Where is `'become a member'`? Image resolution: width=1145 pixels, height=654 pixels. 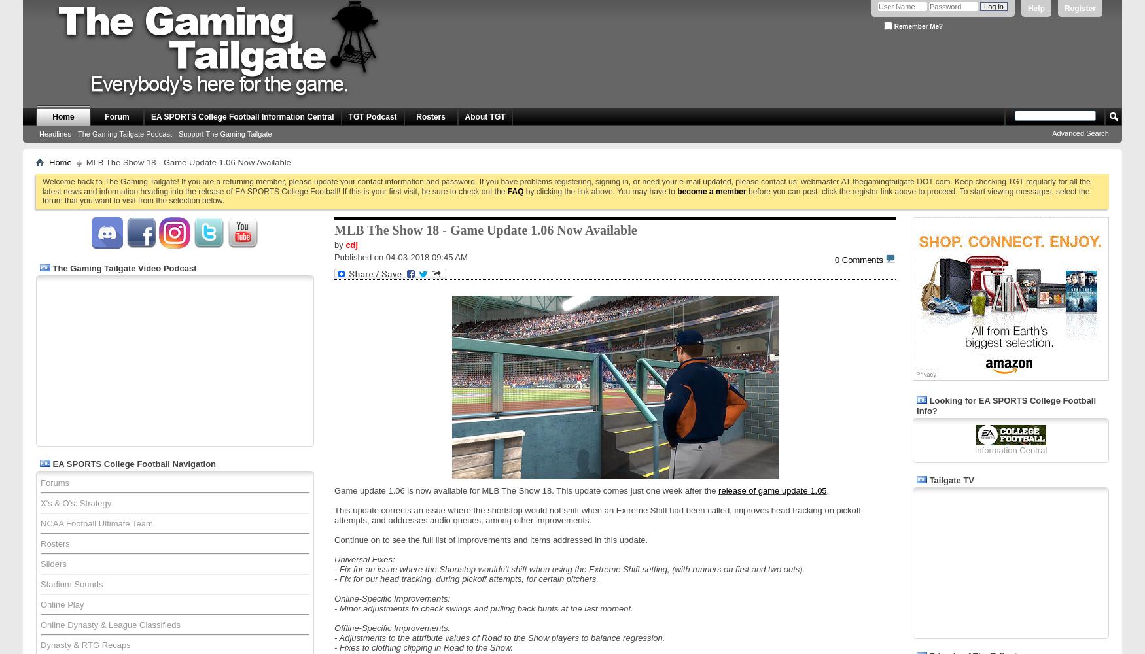 'become a member' is located at coordinates (711, 191).